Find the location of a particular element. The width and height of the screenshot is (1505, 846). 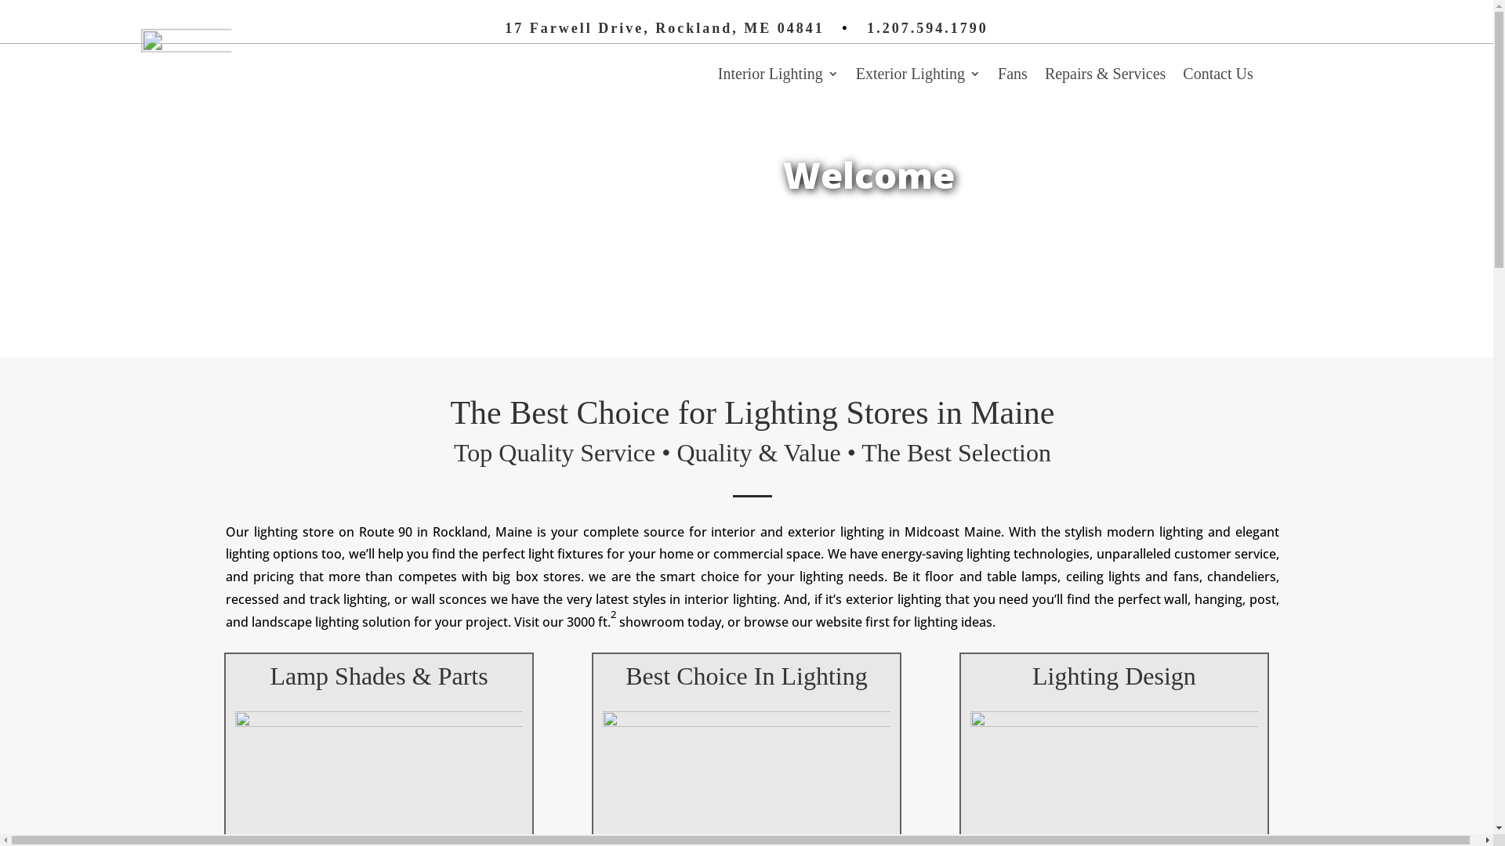

'Contact Us' is located at coordinates (1217, 76).